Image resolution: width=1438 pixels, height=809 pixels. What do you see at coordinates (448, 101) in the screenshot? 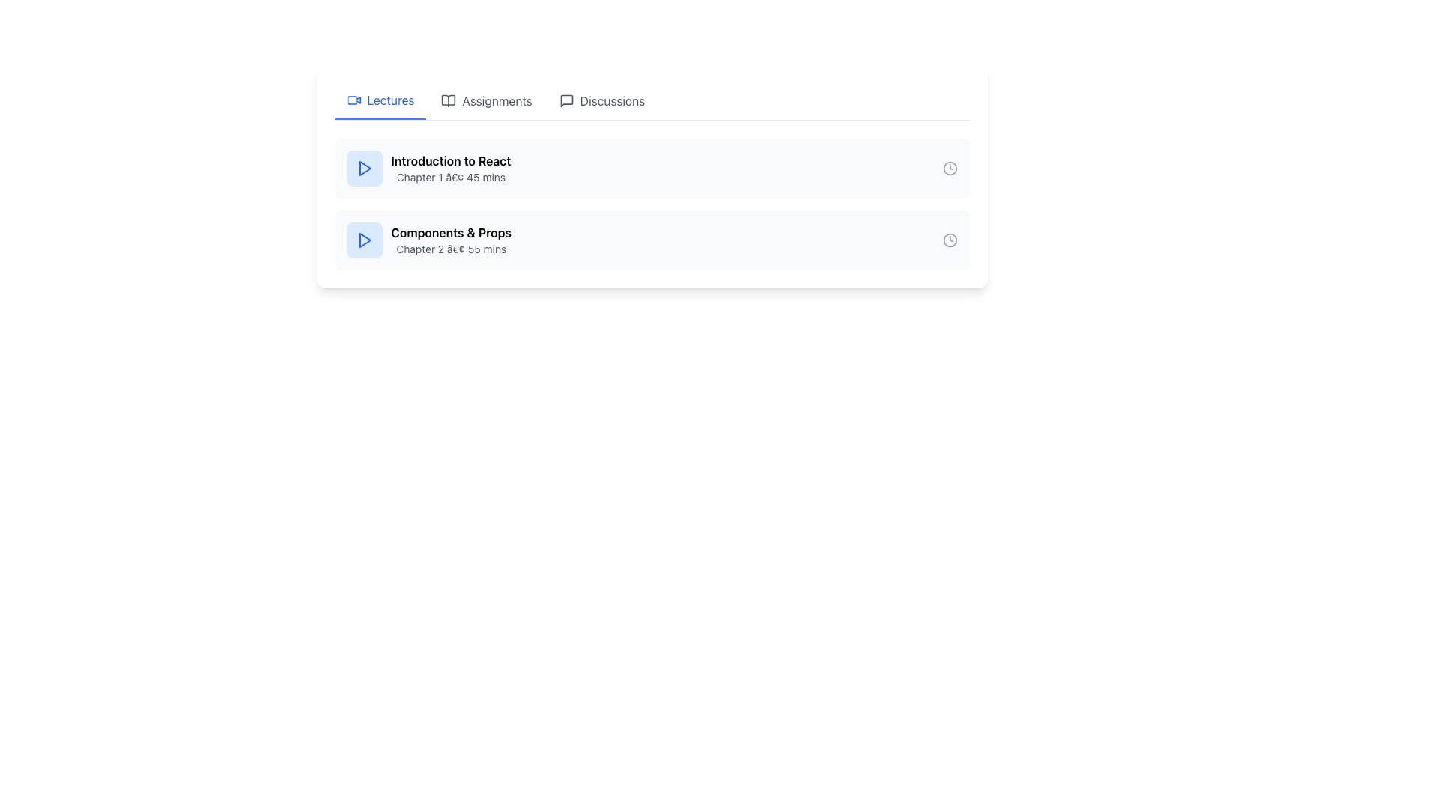
I see `the open book SVG icon located in the navigation bar, which is to the left of the 'Assignments' text label` at bounding box center [448, 101].